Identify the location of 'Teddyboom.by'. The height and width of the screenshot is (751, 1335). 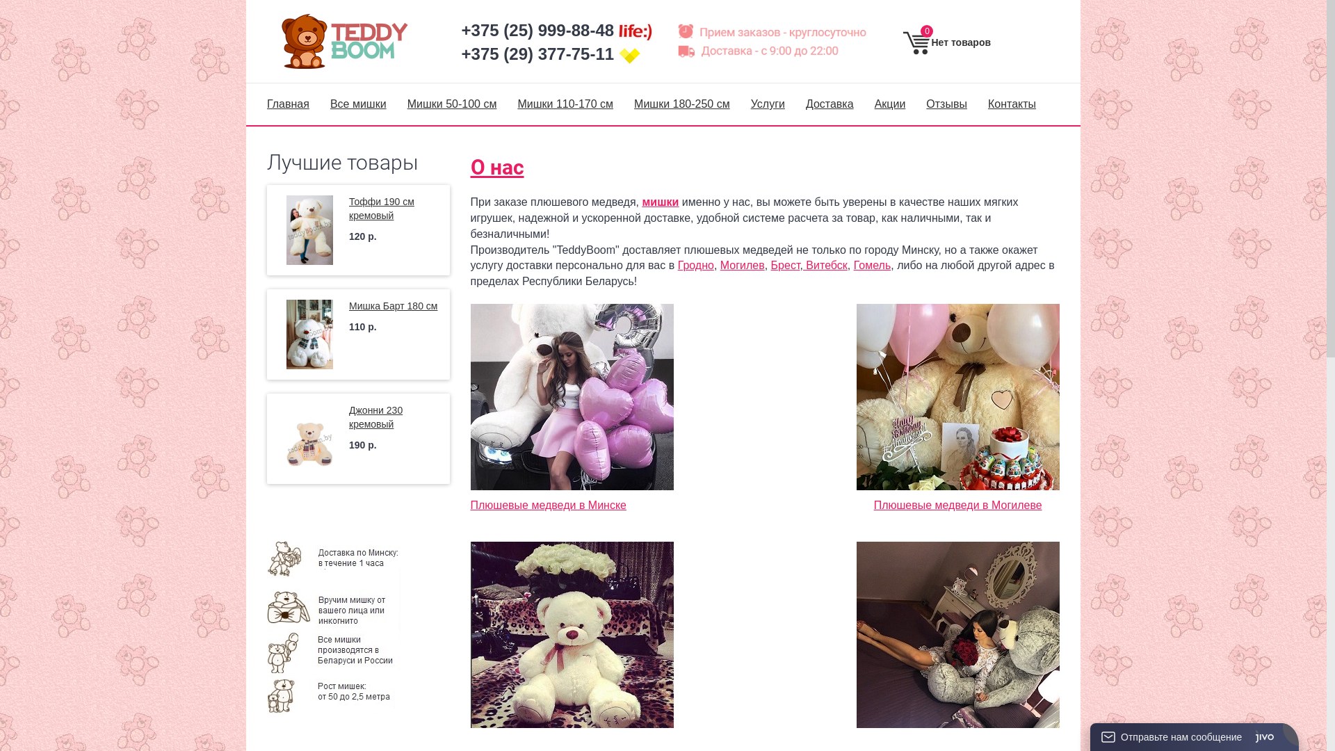
(278, 40).